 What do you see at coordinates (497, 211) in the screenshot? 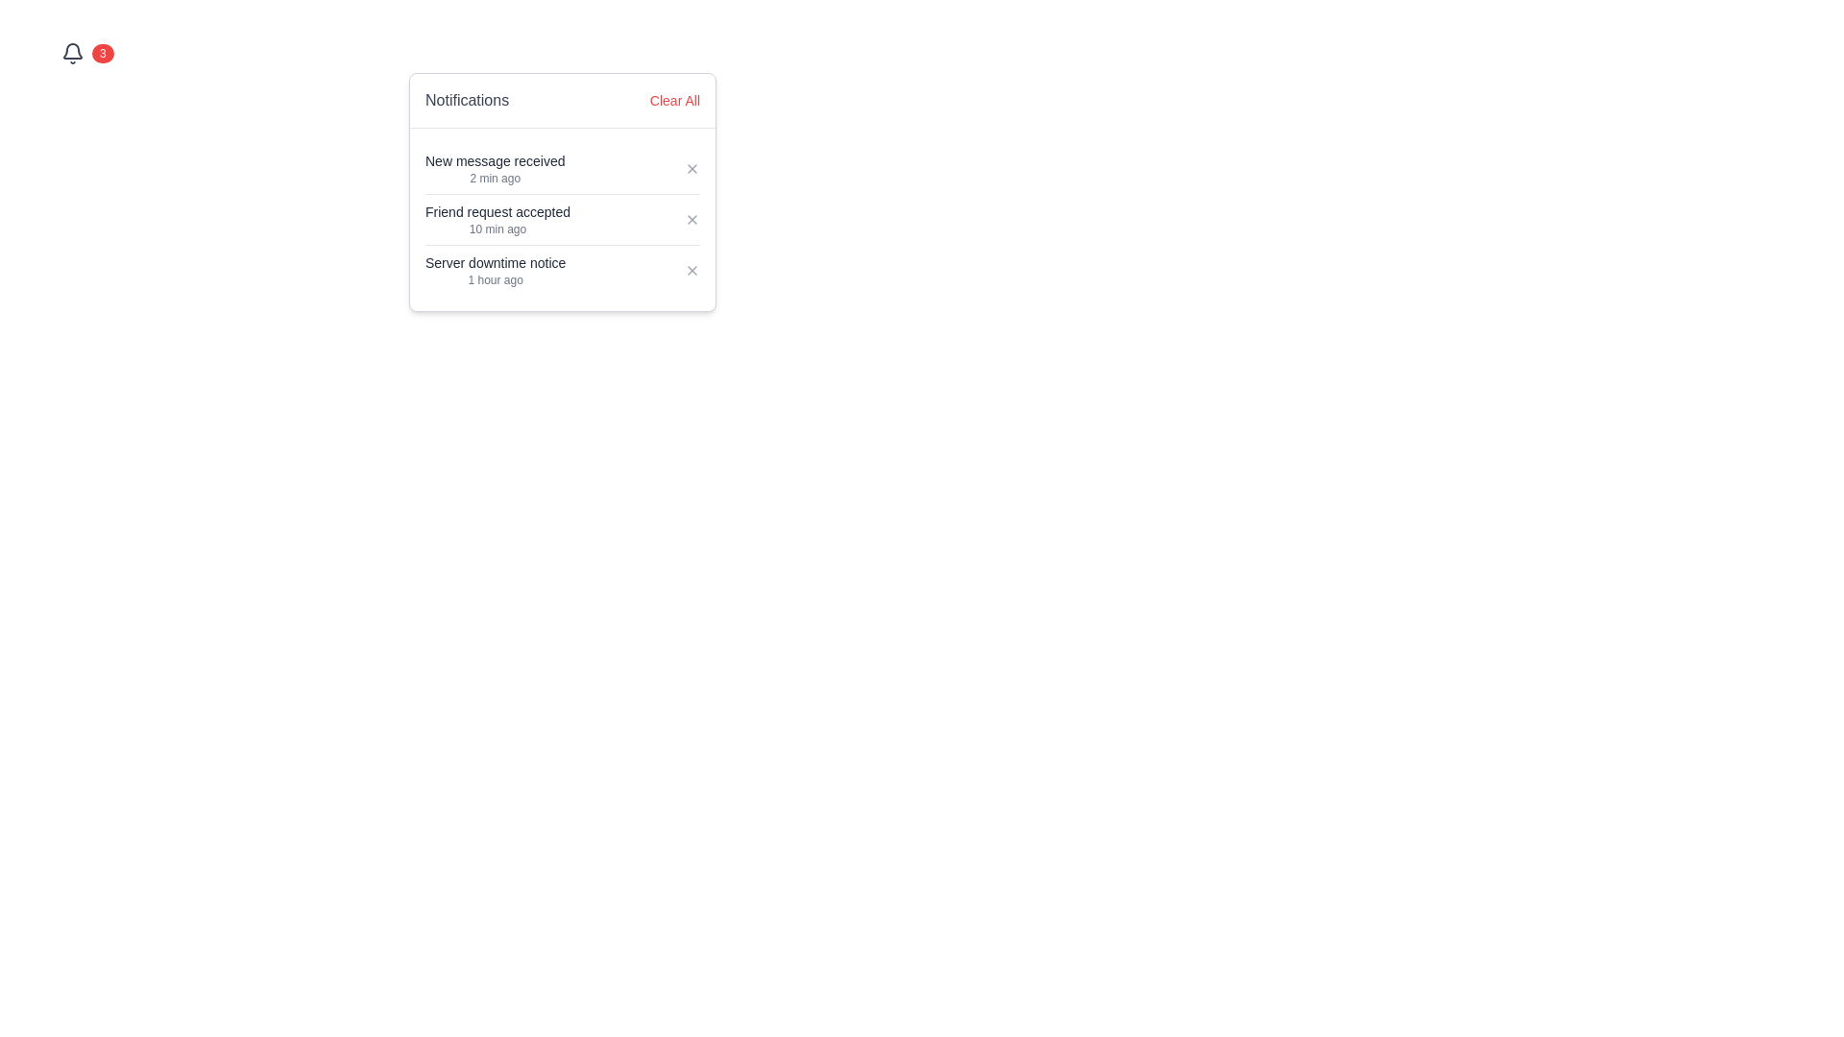
I see `the text label reading 'Friend request accepted' which is the second notification in the list` at bounding box center [497, 211].